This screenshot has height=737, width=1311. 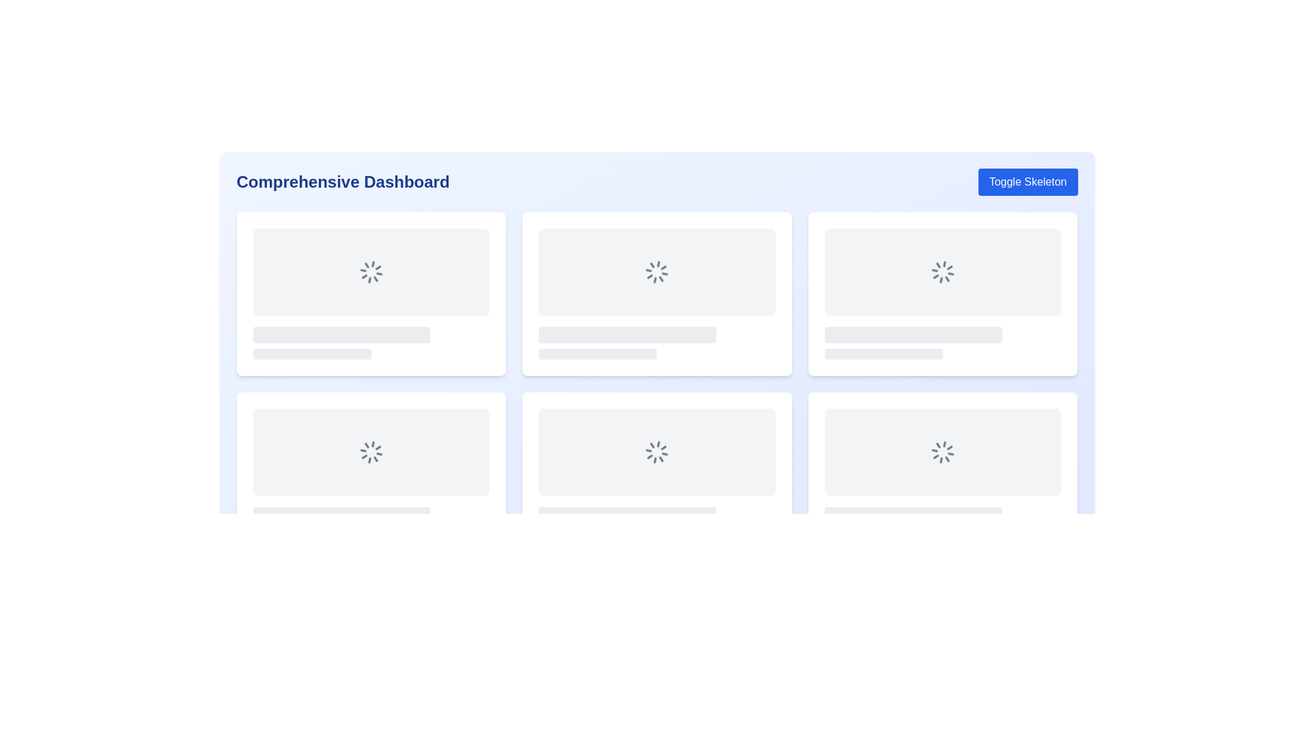 I want to click on the middle card in the top row of the 3x3 grid layout, which serves as a loading indicator for content being fetched or processed, so click(x=657, y=293).